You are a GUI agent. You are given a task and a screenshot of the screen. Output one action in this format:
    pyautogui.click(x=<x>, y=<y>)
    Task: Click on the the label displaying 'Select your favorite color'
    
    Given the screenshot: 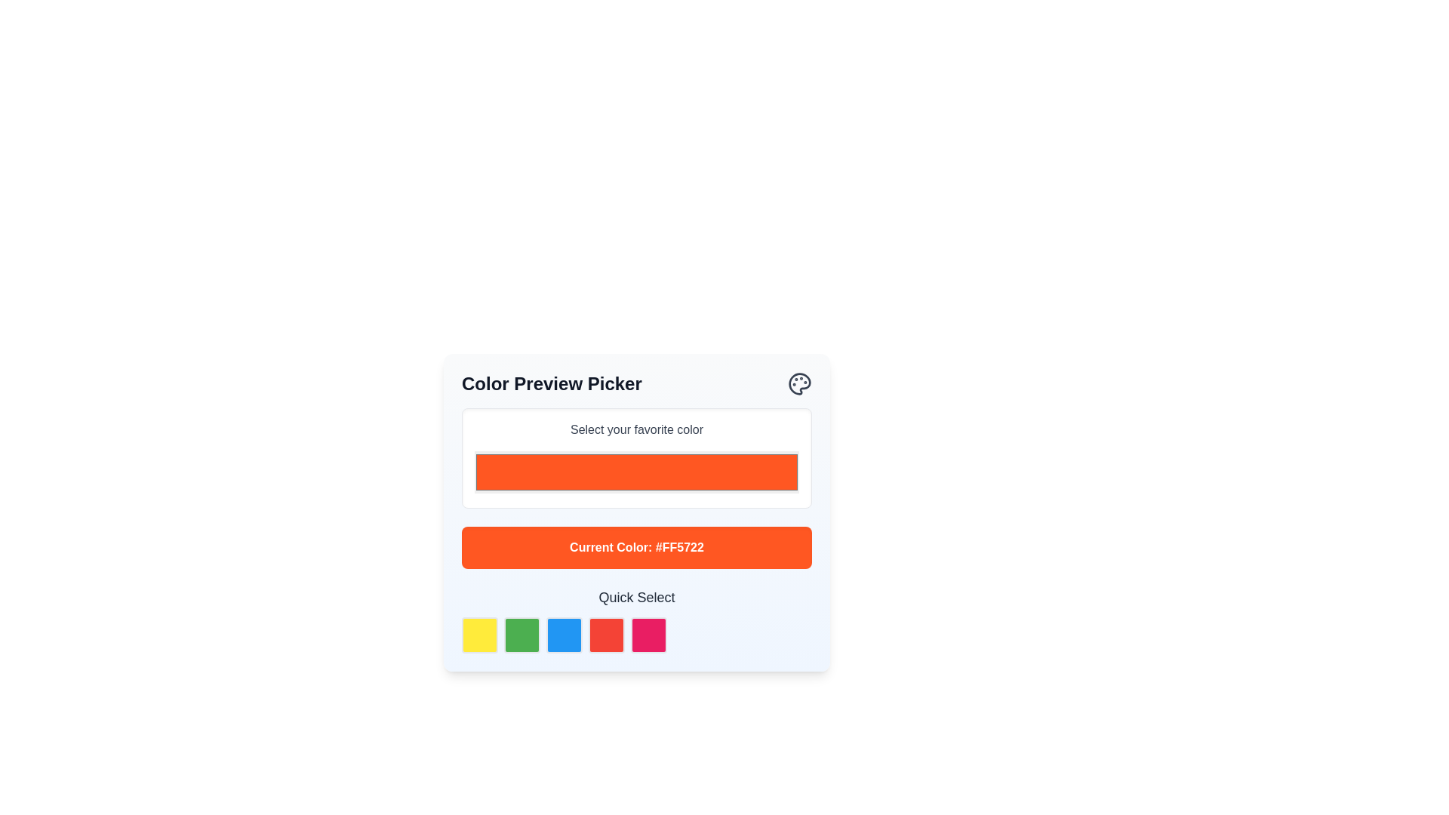 What is the action you would take?
    pyautogui.click(x=637, y=430)
    